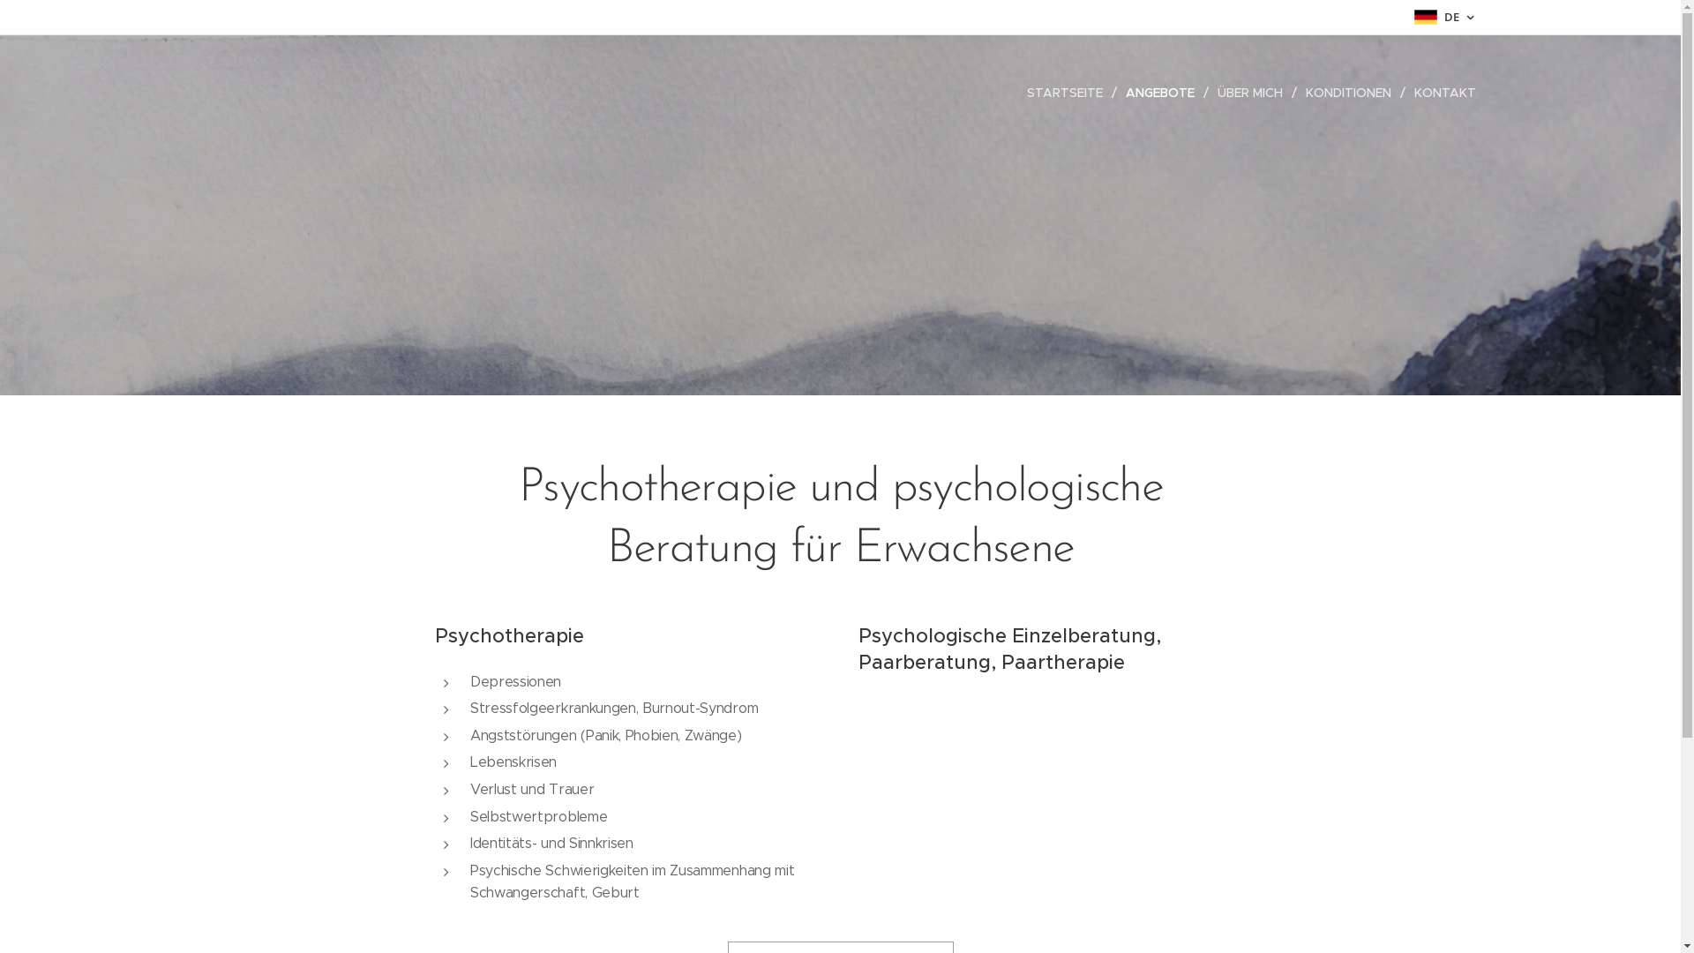 The height and width of the screenshot is (953, 1694). What do you see at coordinates (1404, 92) in the screenshot?
I see `'KONTAKT'` at bounding box center [1404, 92].